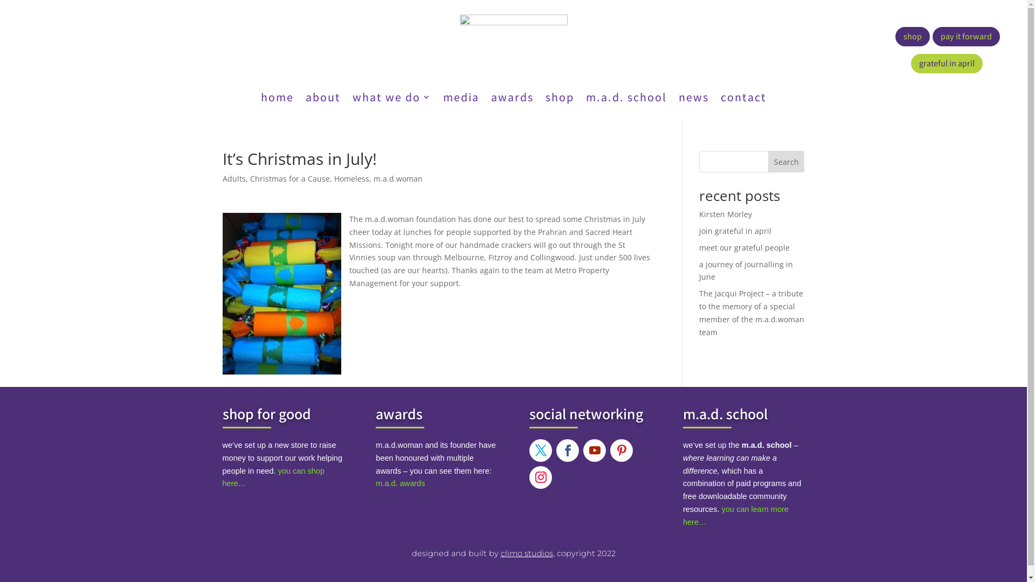 This screenshot has height=582, width=1035. Describe the element at coordinates (734, 230) in the screenshot. I see `'join grateful in april'` at that location.